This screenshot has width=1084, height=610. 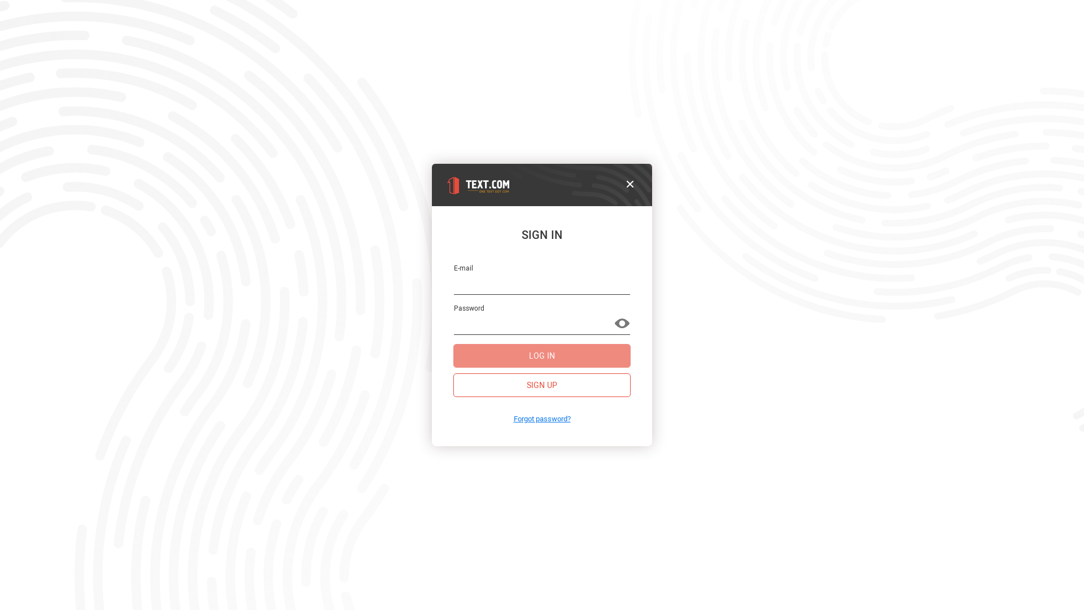 I want to click on 'SIGN UP', so click(x=542, y=385).